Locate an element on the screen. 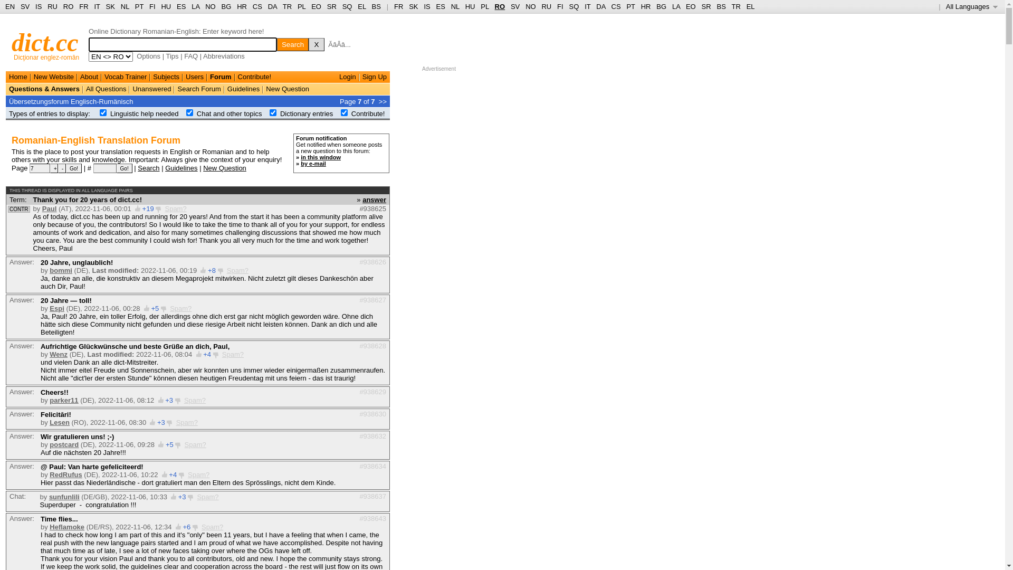 This screenshot has height=570, width=1013. 'Questions & Answers' is located at coordinates (43, 88).